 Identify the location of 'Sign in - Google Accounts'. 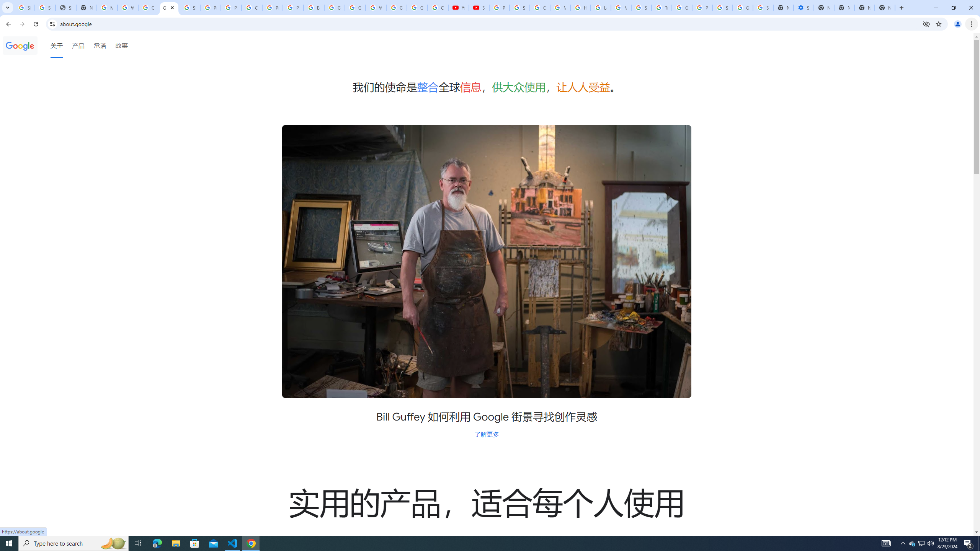
(722, 7).